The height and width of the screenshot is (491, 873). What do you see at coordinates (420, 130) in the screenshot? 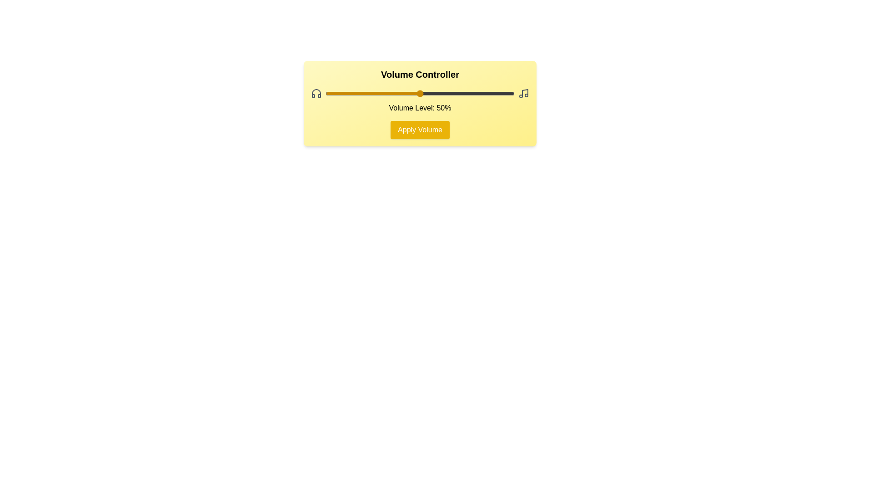
I see `'Apply Volume' button` at bounding box center [420, 130].